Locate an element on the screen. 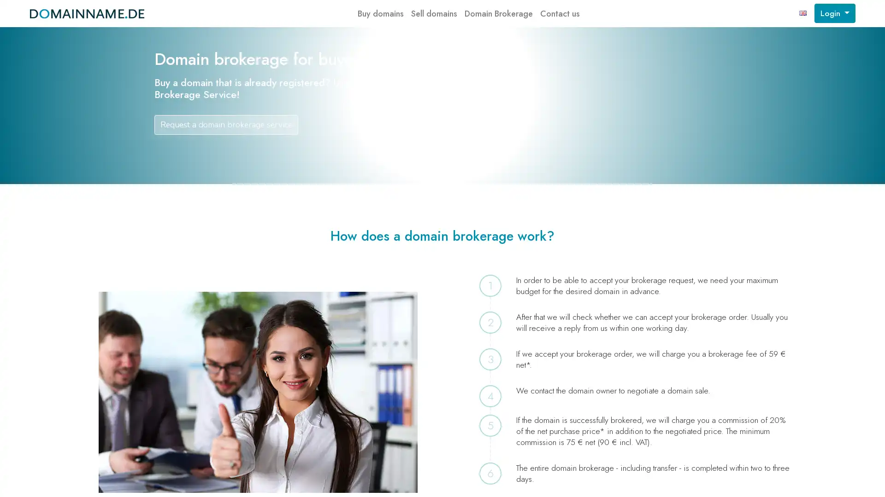 The height and width of the screenshot is (497, 885). Login is located at coordinates (834, 13).